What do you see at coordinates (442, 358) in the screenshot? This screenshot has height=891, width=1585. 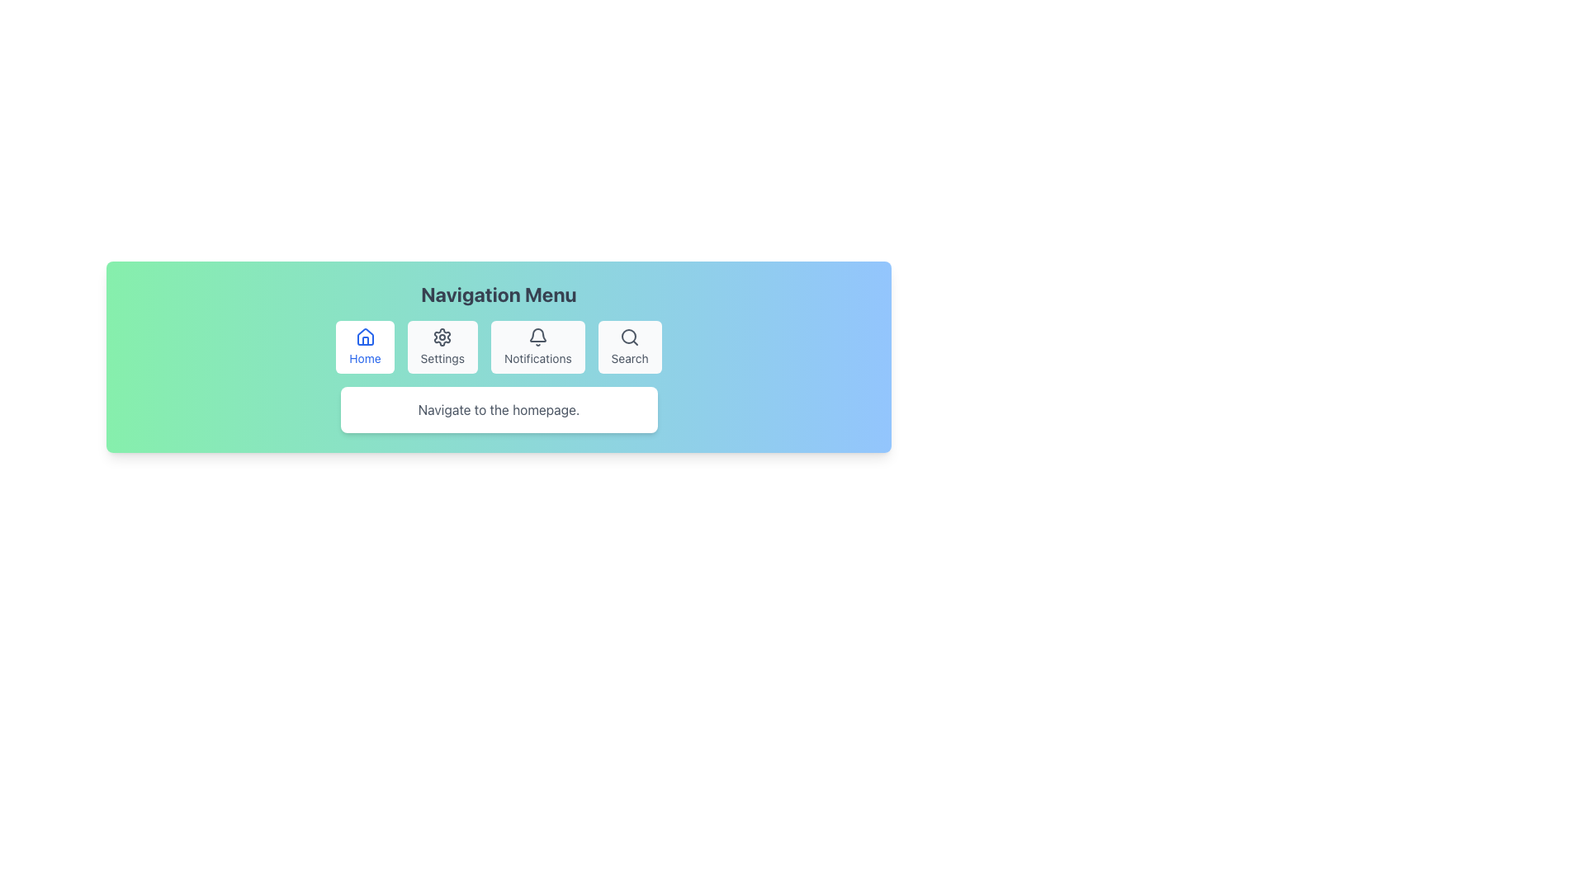 I see `text content of the 'Settings' text label located within the second button-like area of the navigation options on the menu bar` at bounding box center [442, 358].